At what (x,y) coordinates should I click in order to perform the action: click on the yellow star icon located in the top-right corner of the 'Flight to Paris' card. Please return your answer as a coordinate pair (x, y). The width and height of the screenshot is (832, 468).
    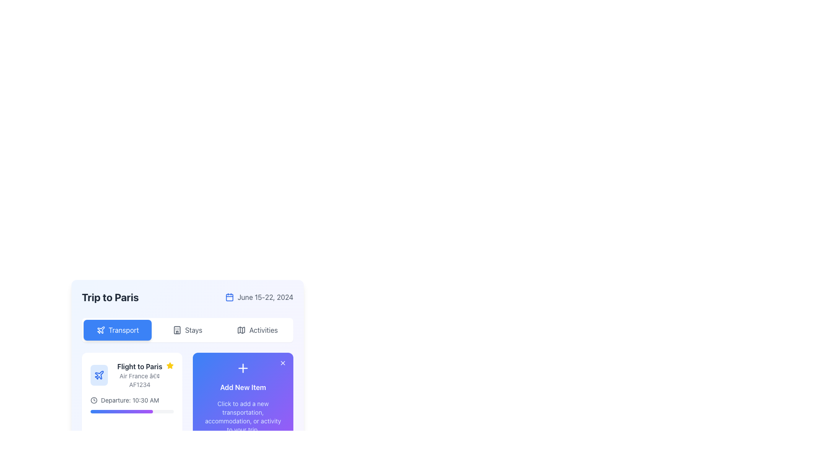
    Looking at the image, I should click on (170, 365).